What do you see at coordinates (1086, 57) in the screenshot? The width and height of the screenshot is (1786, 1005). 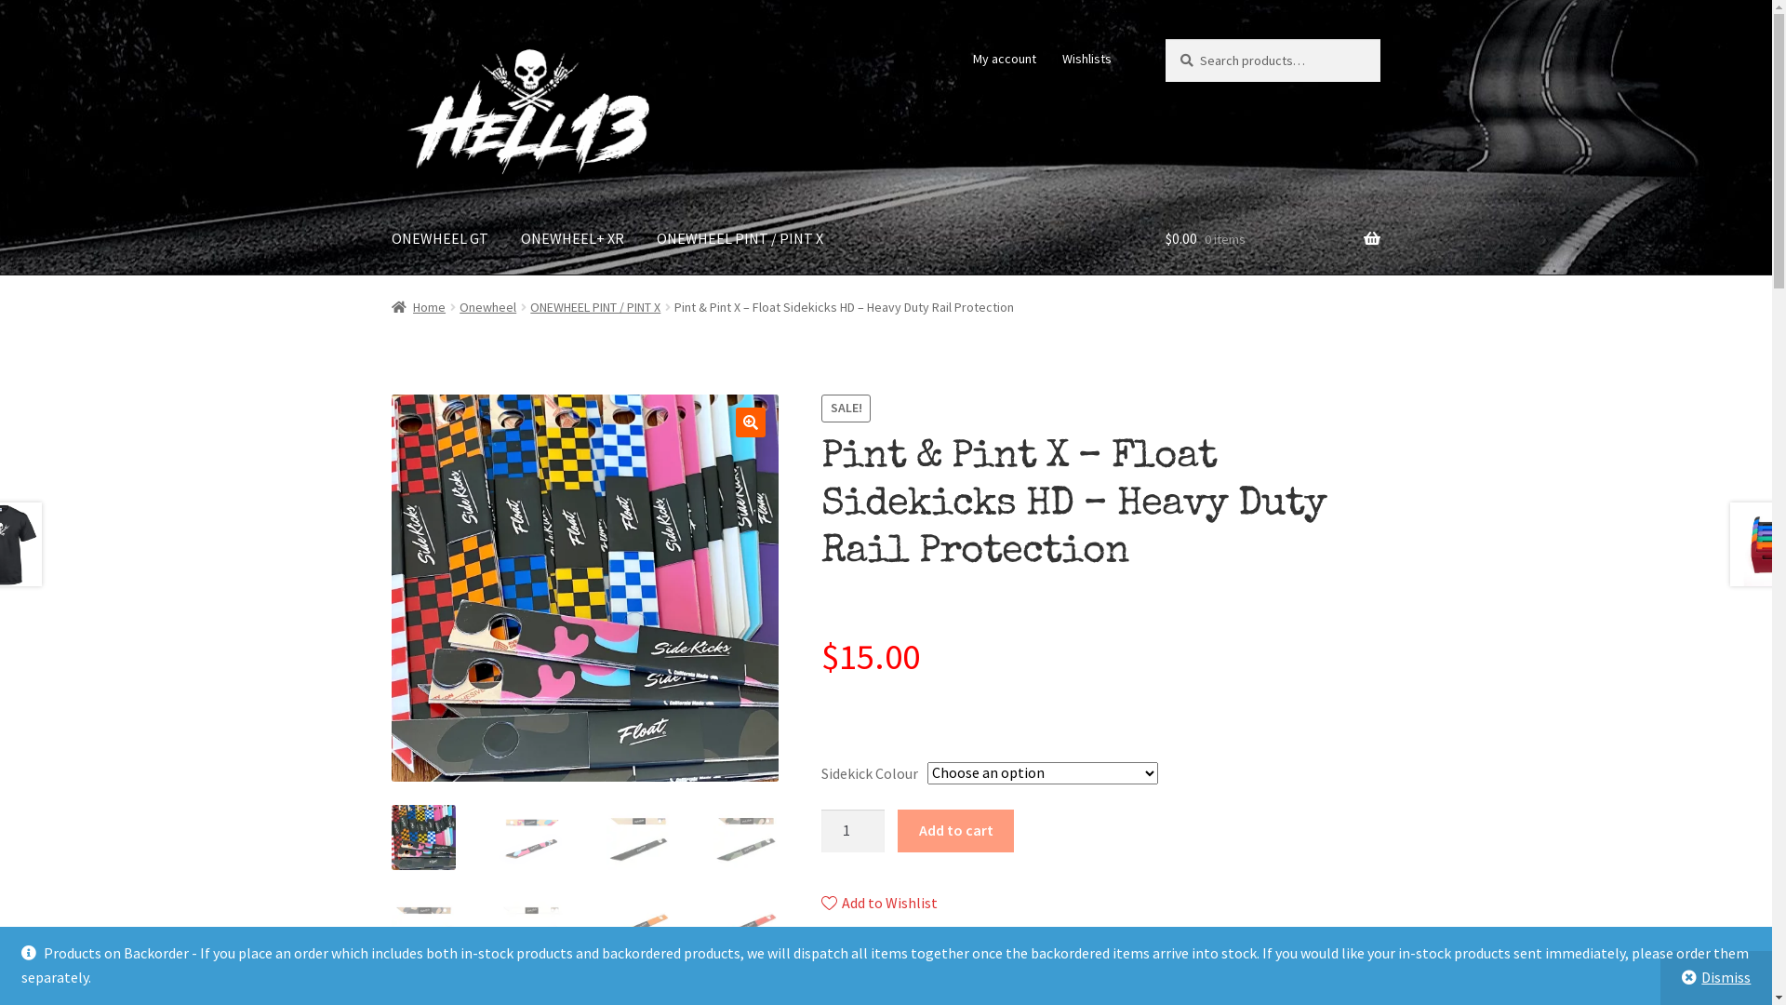 I see `'Wishlists'` at bounding box center [1086, 57].